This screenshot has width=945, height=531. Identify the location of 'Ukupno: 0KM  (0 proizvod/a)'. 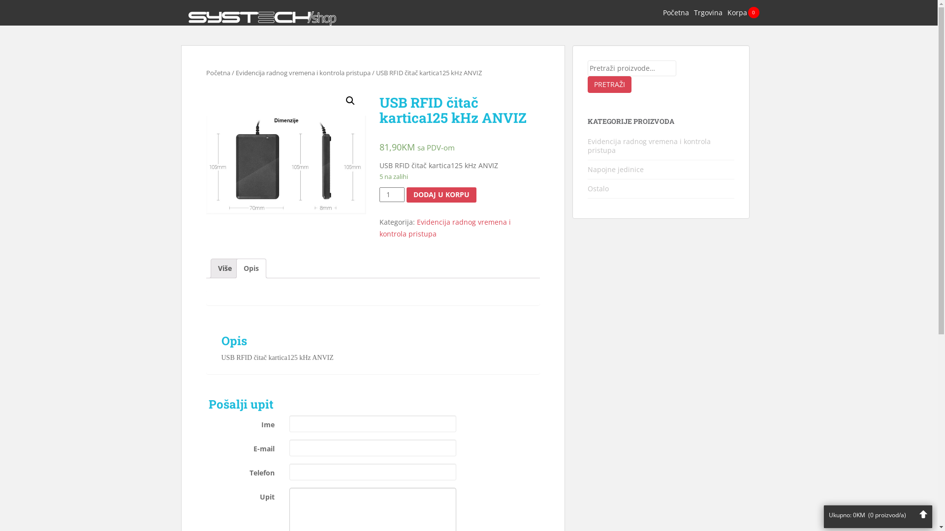
(878, 513).